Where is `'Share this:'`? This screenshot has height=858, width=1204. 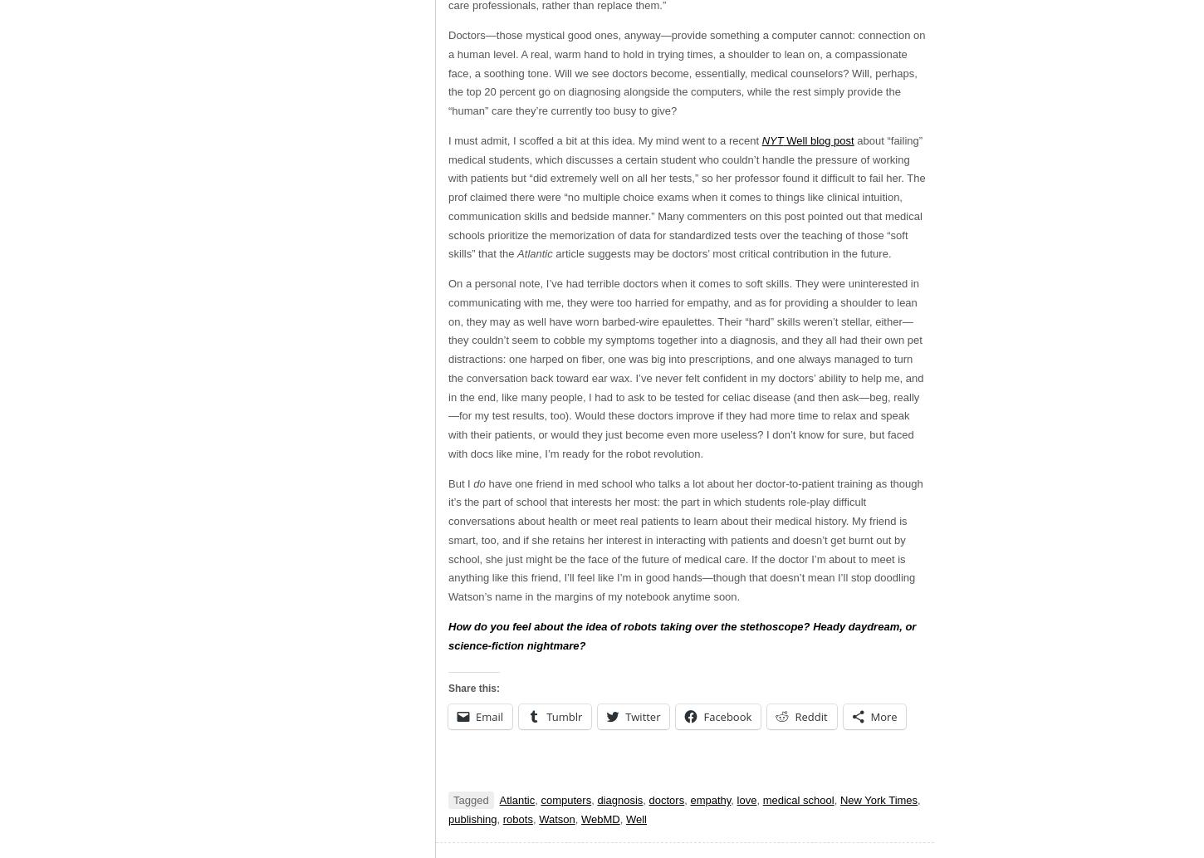
'Share this:' is located at coordinates (474, 687).